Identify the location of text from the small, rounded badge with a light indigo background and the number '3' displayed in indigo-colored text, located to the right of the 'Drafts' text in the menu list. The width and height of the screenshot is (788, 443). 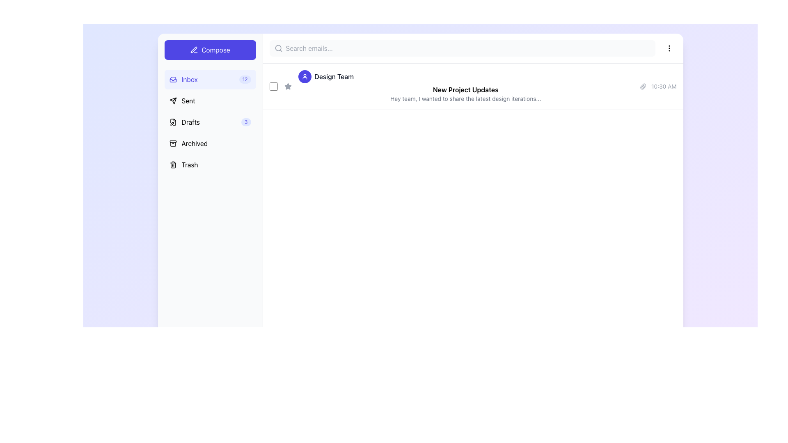
(245, 122).